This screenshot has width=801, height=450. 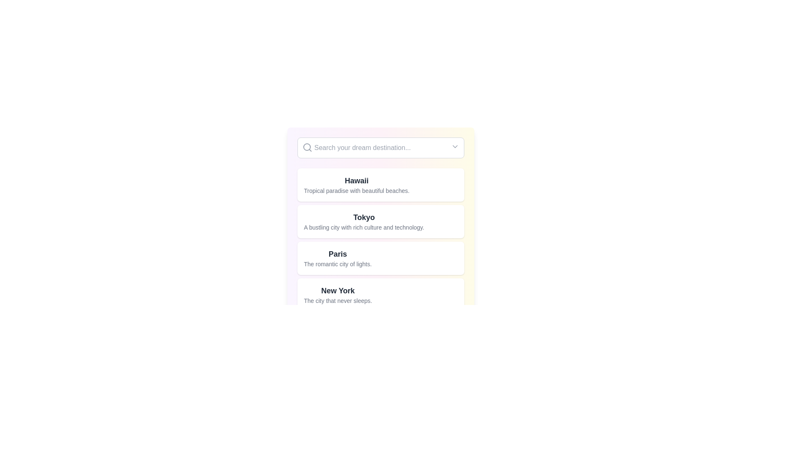 What do you see at coordinates (338, 264) in the screenshot?
I see `the text element that states 'The romantic city of lights.' which is styled in gray and positioned under the main heading 'Paris'` at bounding box center [338, 264].